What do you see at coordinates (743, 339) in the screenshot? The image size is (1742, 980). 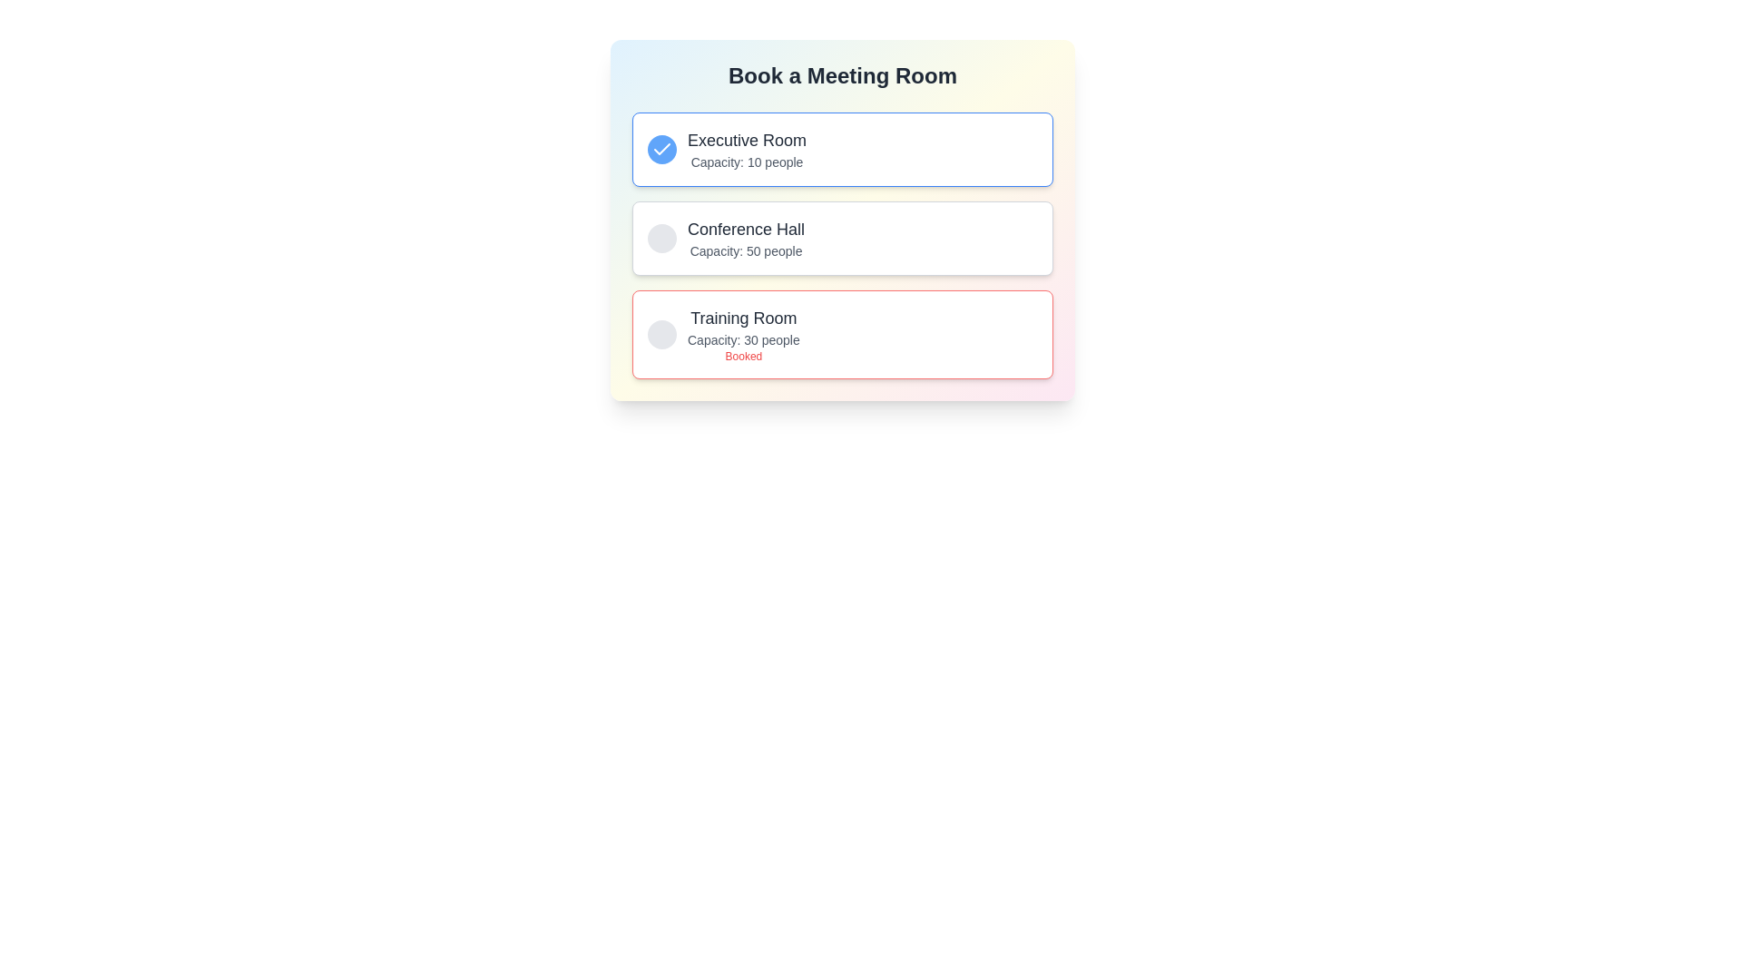 I see `the Text label that provides information about the capacity of the associated room, located below the 'Training Room' title and above the 'Booked' text in the third card element of the 'Book a Meeting Room' section` at bounding box center [743, 339].